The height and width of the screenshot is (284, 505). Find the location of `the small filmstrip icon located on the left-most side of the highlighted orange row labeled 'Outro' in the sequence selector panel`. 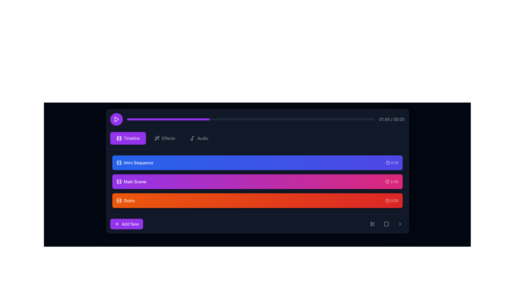

the small filmstrip icon located on the left-most side of the highlighted orange row labeled 'Outro' in the sequence selector panel is located at coordinates (119, 201).